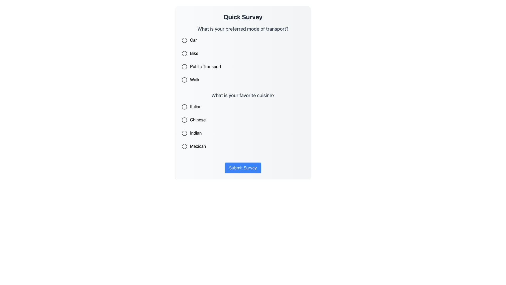 The width and height of the screenshot is (506, 285). What do you see at coordinates (184, 40) in the screenshot?
I see `the selected radio button for 'Car' in the survey form` at bounding box center [184, 40].